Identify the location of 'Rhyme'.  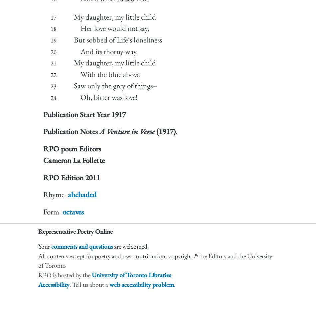
(54, 194).